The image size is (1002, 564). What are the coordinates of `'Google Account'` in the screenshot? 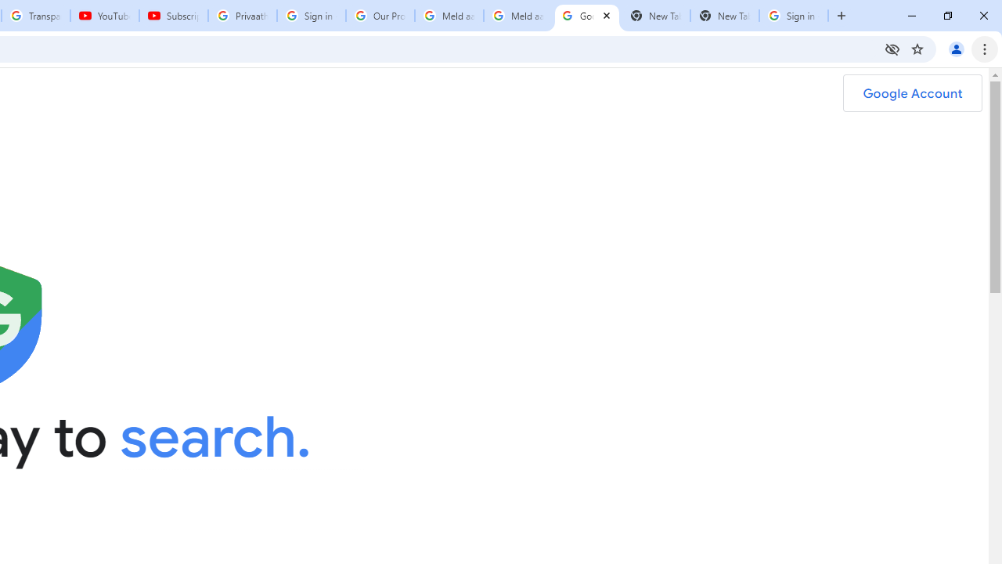 It's located at (912, 93).